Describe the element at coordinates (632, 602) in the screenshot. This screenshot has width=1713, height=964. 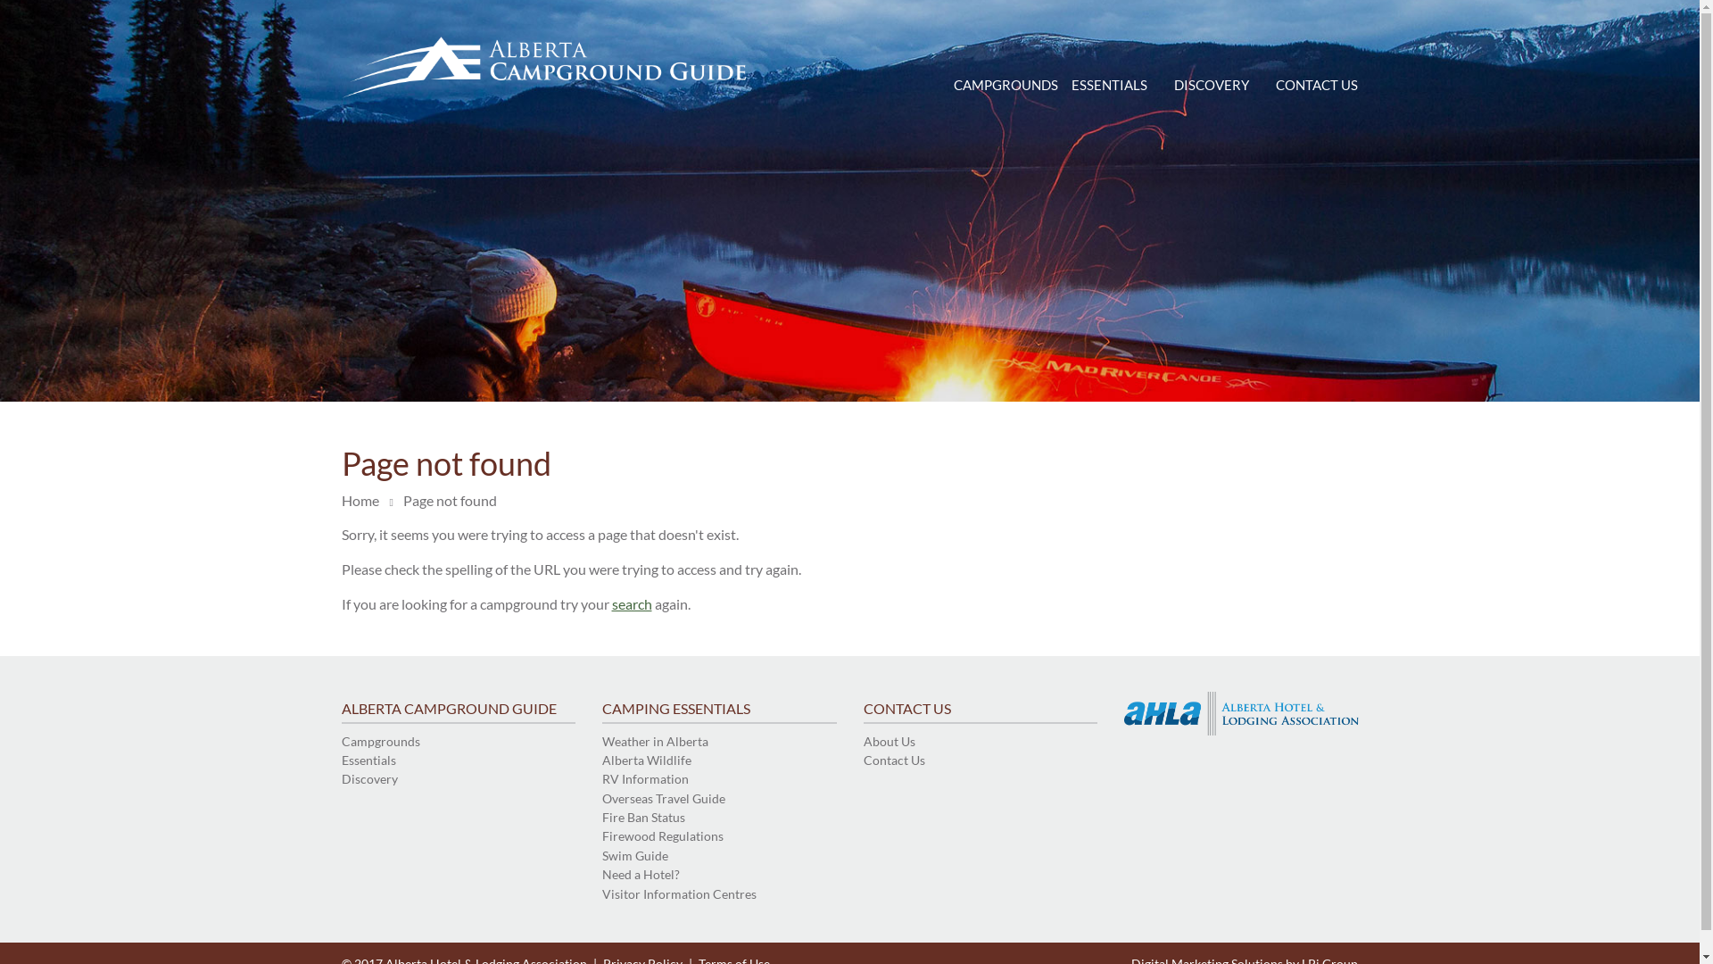
I see `'search'` at that location.